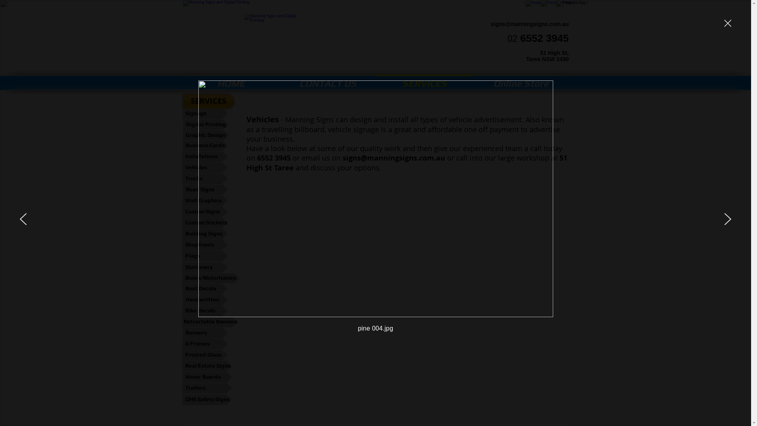  I want to click on 'CONTACT US', so click(327, 80).